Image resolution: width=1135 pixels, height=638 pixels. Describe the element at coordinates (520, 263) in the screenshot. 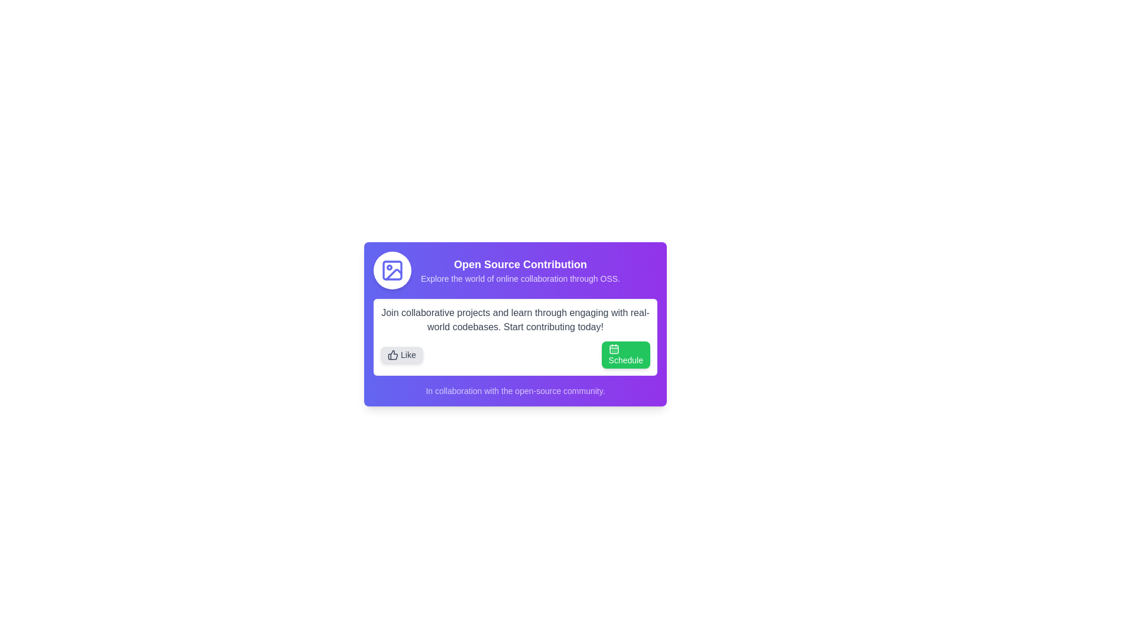

I see `the 'Open Source Contribution' text label, which is styled with a larger font size, bold typeface, and white color, located in the purple-colored header section` at that location.